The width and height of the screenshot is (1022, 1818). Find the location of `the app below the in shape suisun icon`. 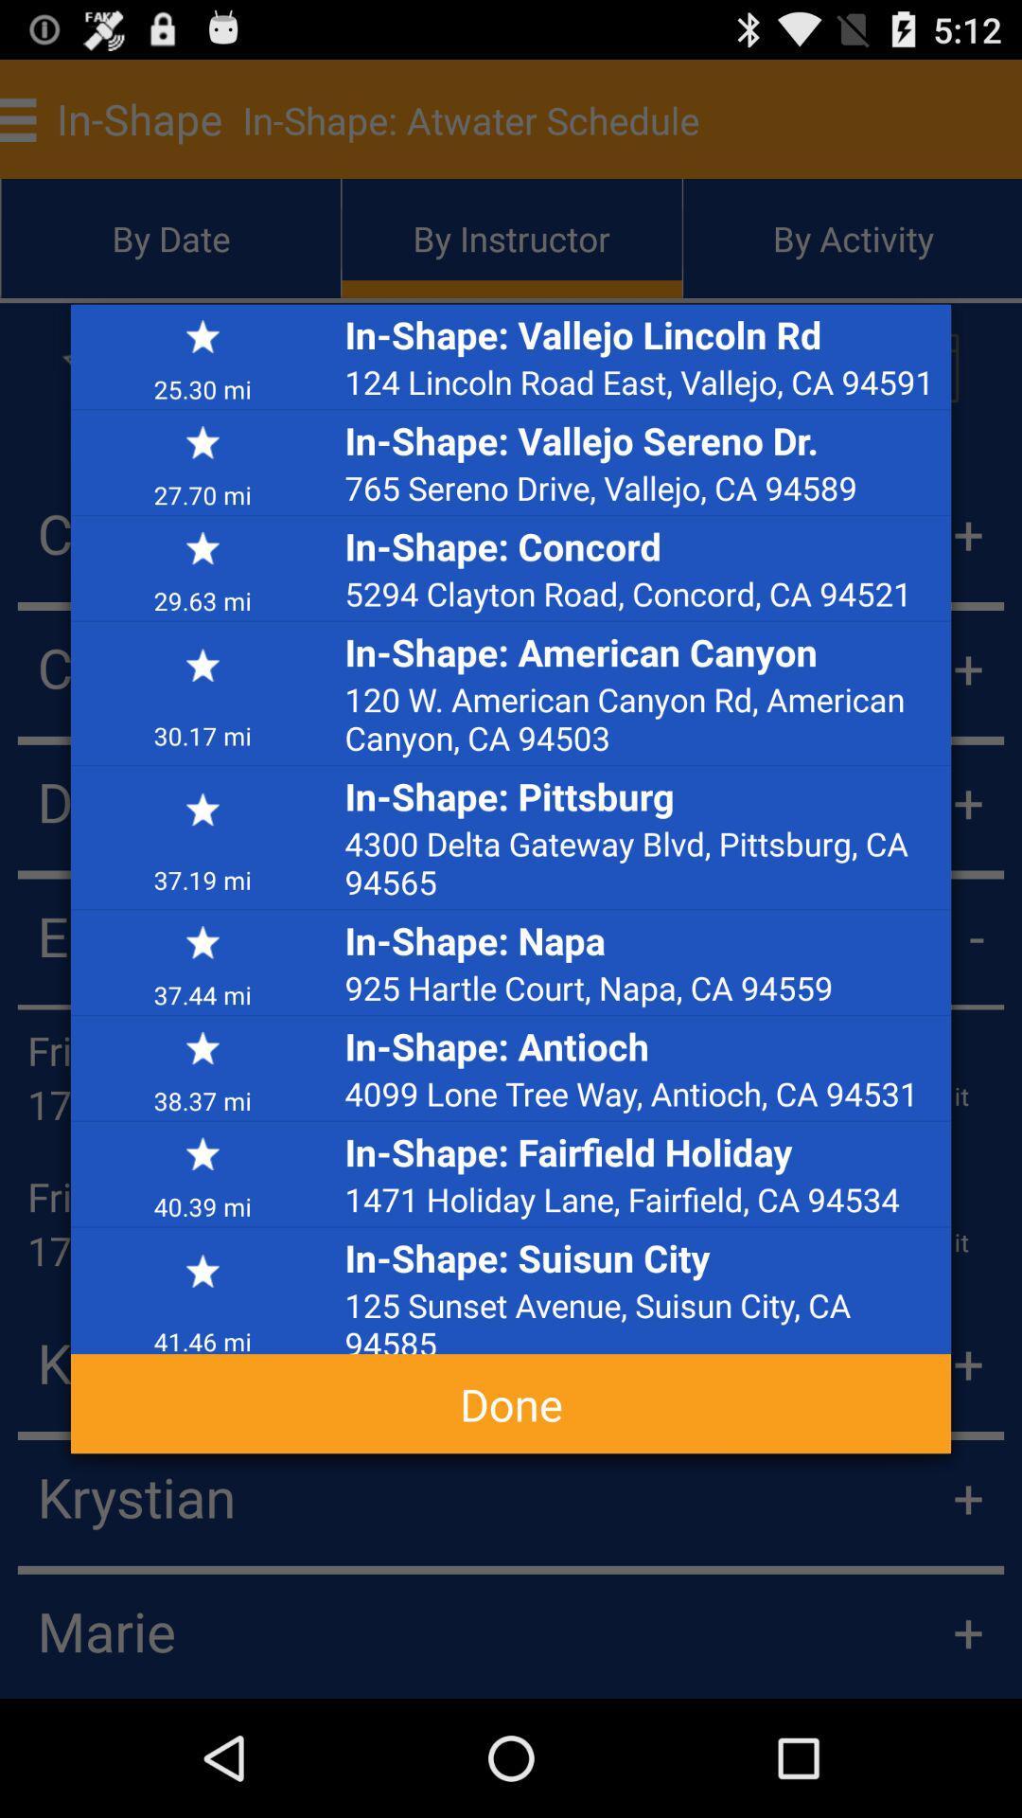

the app below the in shape suisun icon is located at coordinates (642, 1317).